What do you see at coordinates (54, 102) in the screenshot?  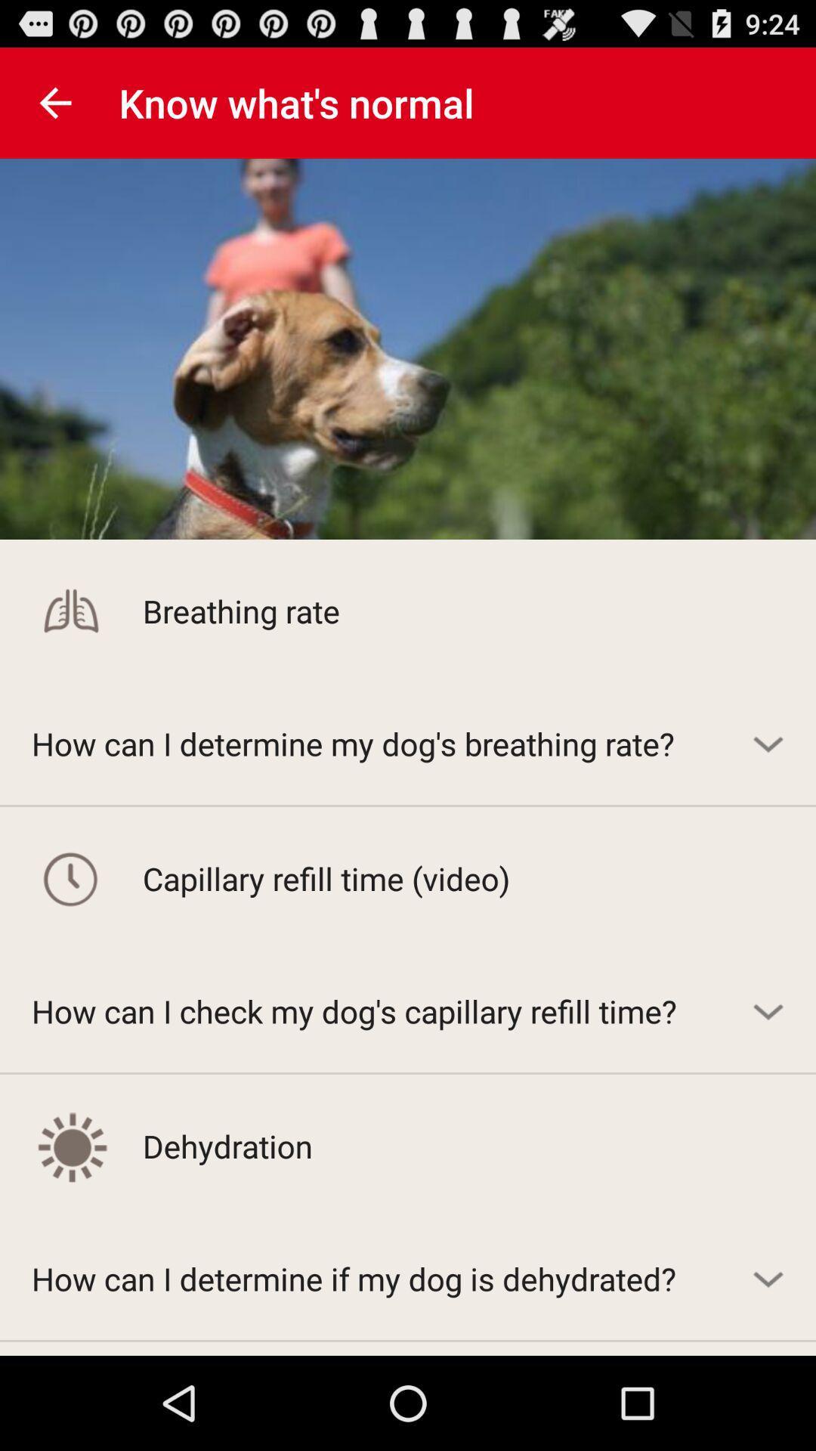 I see `the icon at the top left corner` at bounding box center [54, 102].